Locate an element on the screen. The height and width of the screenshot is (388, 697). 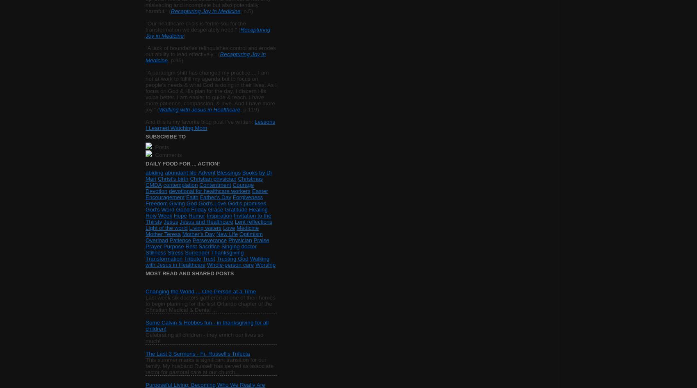
'Stress' is located at coordinates (175, 252).